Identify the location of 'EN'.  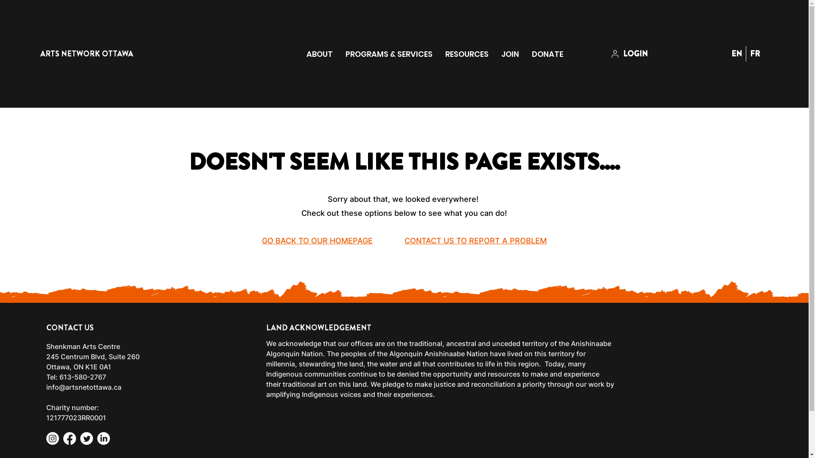
(736, 54).